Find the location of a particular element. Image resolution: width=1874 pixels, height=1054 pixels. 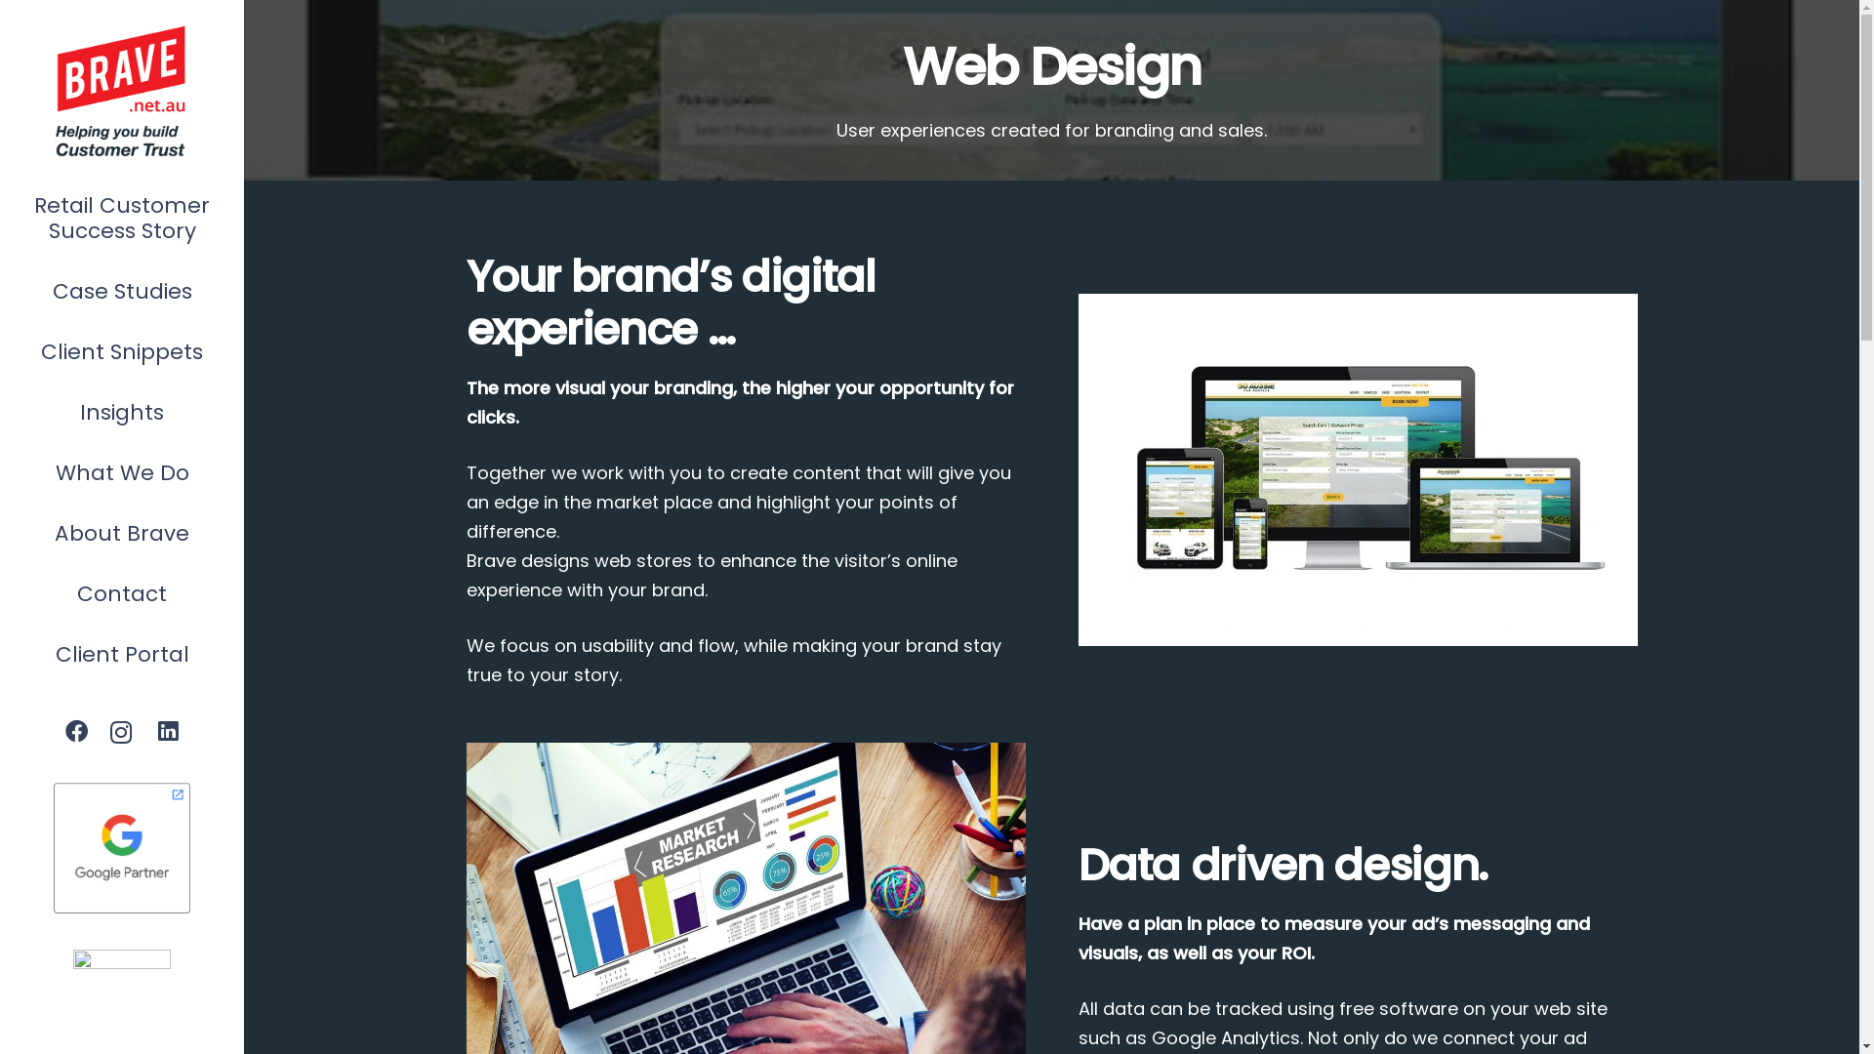

'Instagram' is located at coordinates (98, 732).